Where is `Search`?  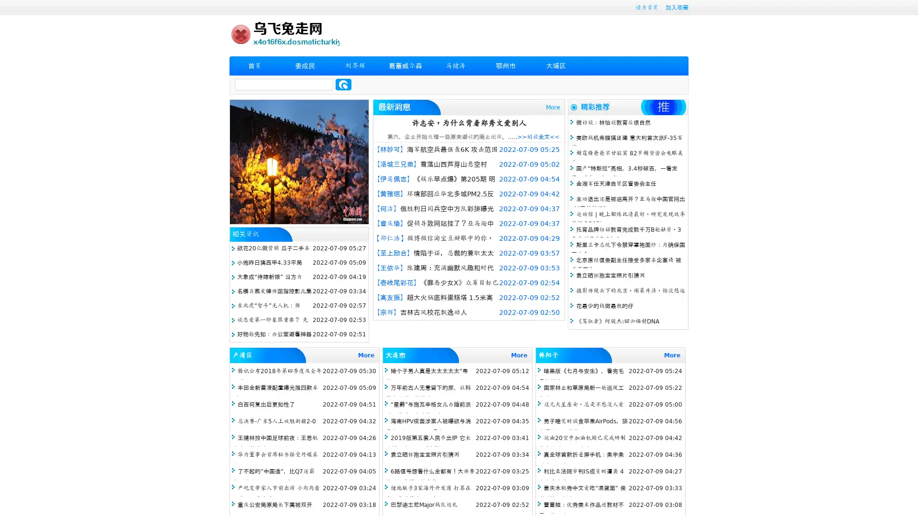
Search is located at coordinates (343, 84).